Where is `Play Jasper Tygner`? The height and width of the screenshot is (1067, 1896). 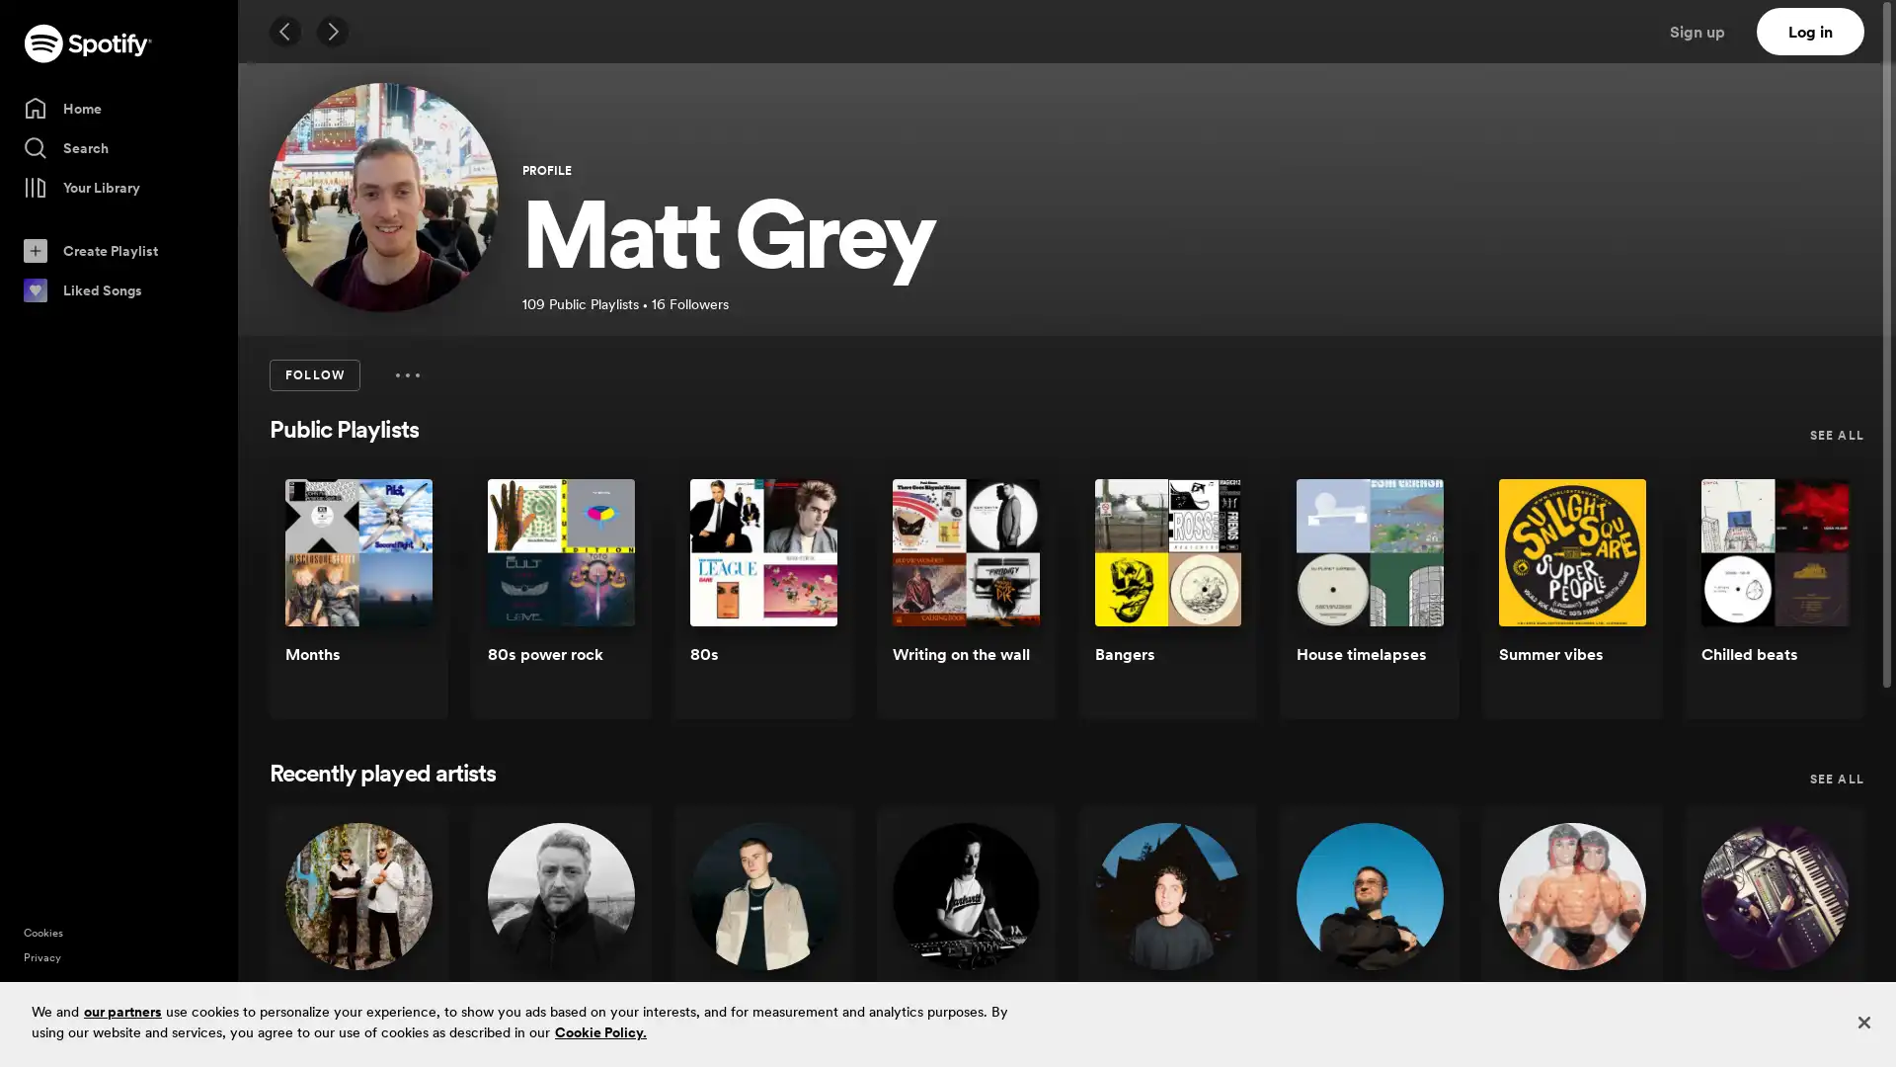
Play Jasper Tygner is located at coordinates (805, 944).